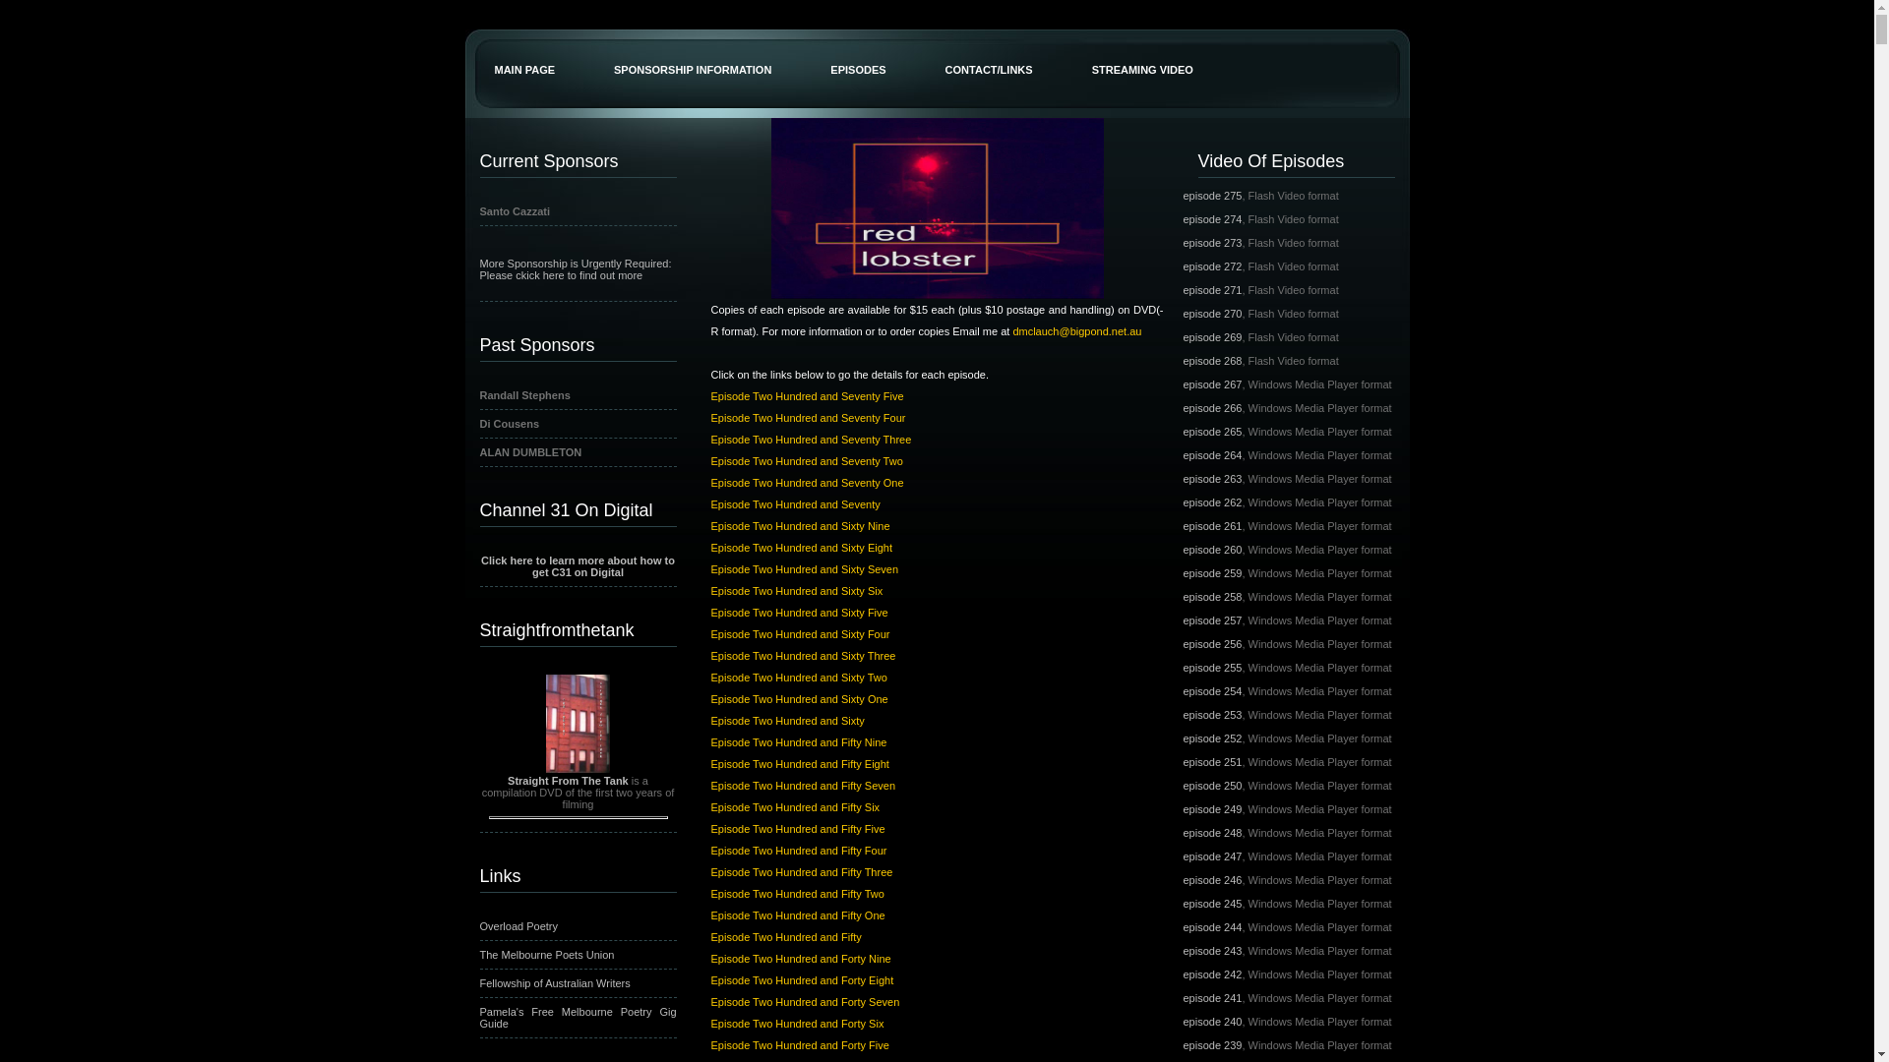  What do you see at coordinates (1211, 383) in the screenshot?
I see `'episode 267'` at bounding box center [1211, 383].